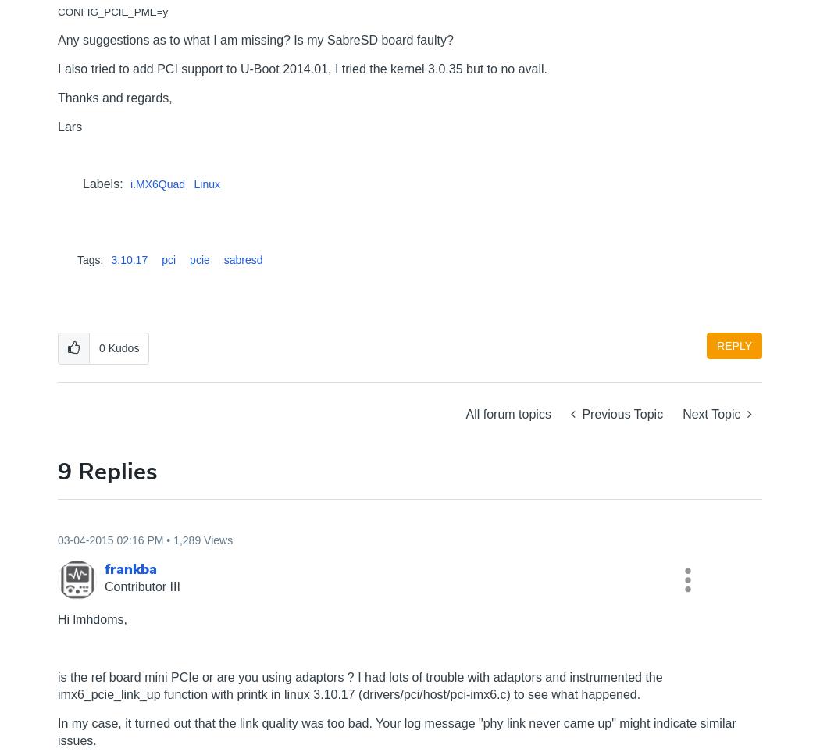  I want to click on 'sabresd', so click(223, 260).